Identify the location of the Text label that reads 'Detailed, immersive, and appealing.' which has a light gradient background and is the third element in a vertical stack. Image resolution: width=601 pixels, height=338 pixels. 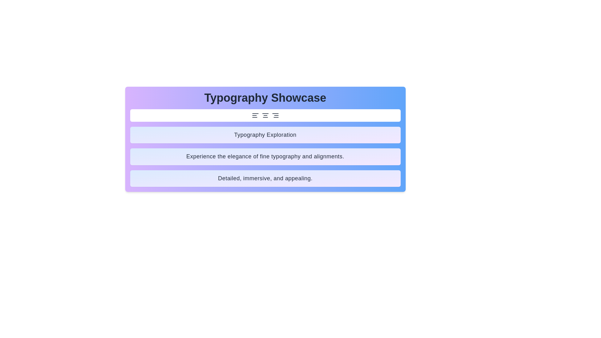
(265, 178).